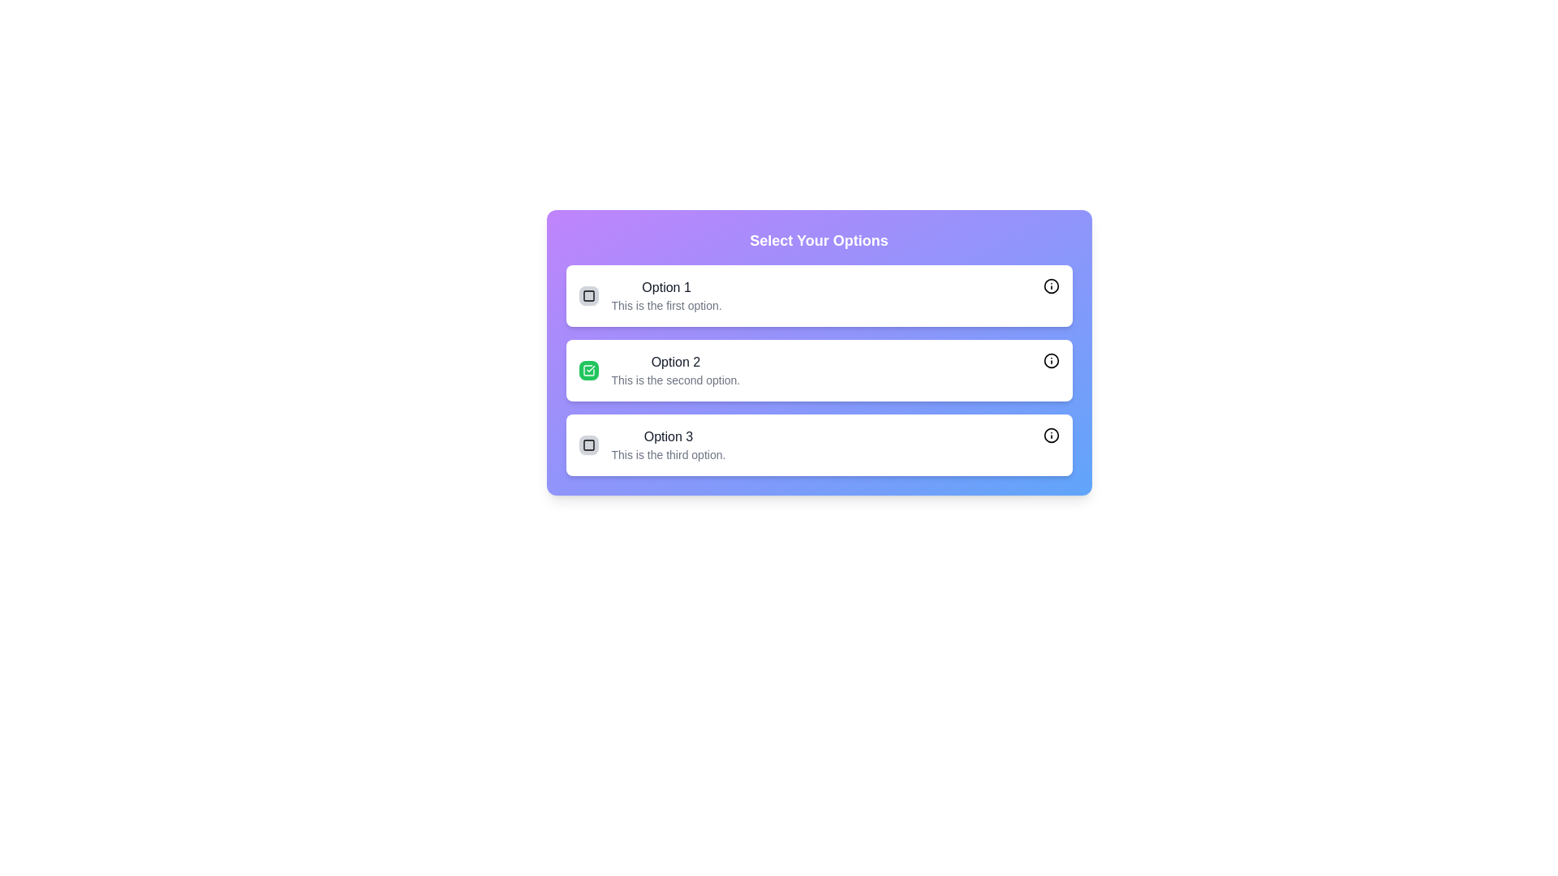  What do you see at coordinates (1051, 286) in the screenshot?
I see `the circular interactive icon with a lowercase 'i' symbol, located at the rightmost edge of the first option card titled 'Option 1'` at bounding box center [1051, 286].